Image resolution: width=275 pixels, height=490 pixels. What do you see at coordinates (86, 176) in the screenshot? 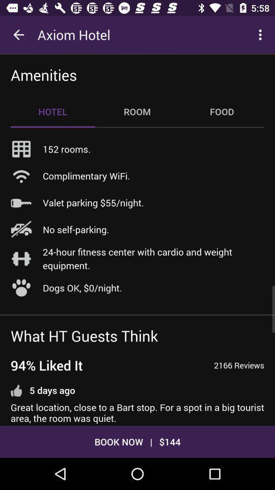
I see `the complimentary wifi.` at bounding box center [86, 176].